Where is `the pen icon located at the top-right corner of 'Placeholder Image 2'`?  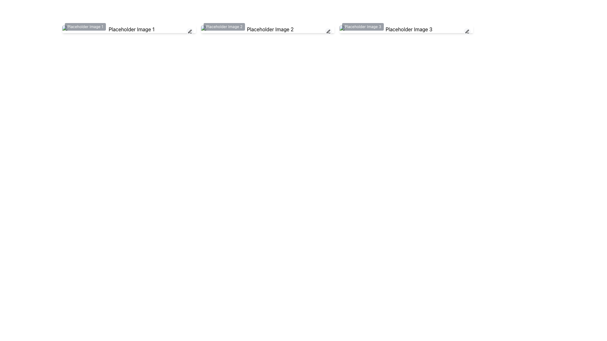 the pen icon located at the top-right corner of 'Placeholder Image 2' is located at coordinates (328, 32).